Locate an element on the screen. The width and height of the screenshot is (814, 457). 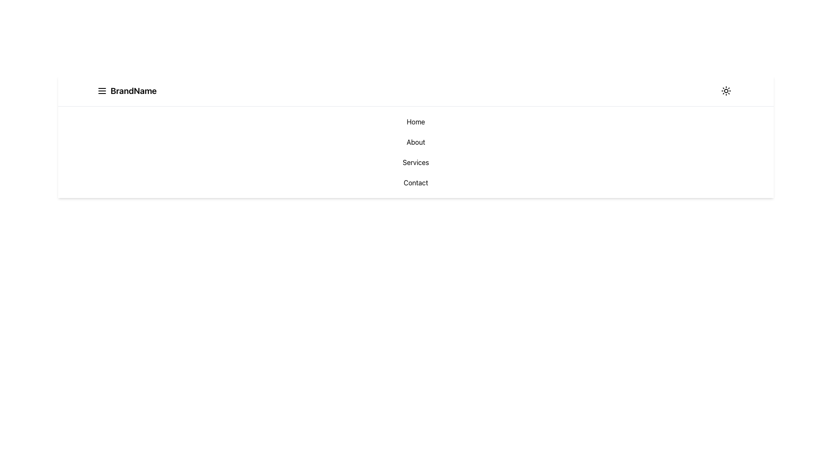
the 'Services' button in the vertical menu to trigger the hover effect, which is indicated by a background color change to indigo is located at coordinates (415, 162).